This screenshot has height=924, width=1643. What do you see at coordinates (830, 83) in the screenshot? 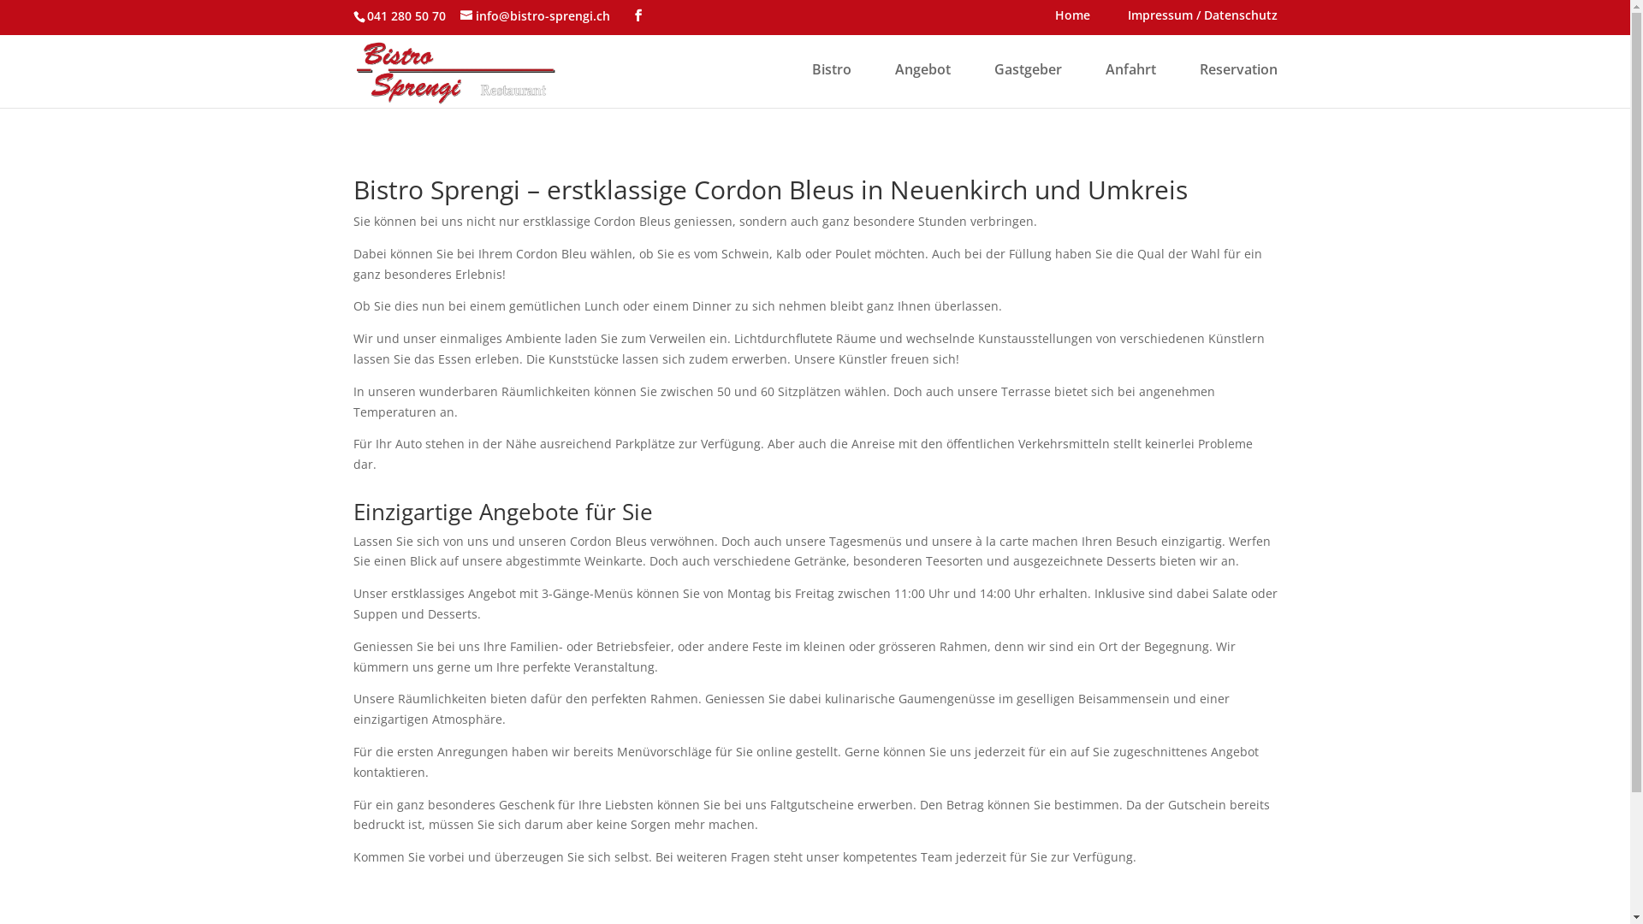
I see `'Bistro'` at bounding box center [830, 83].